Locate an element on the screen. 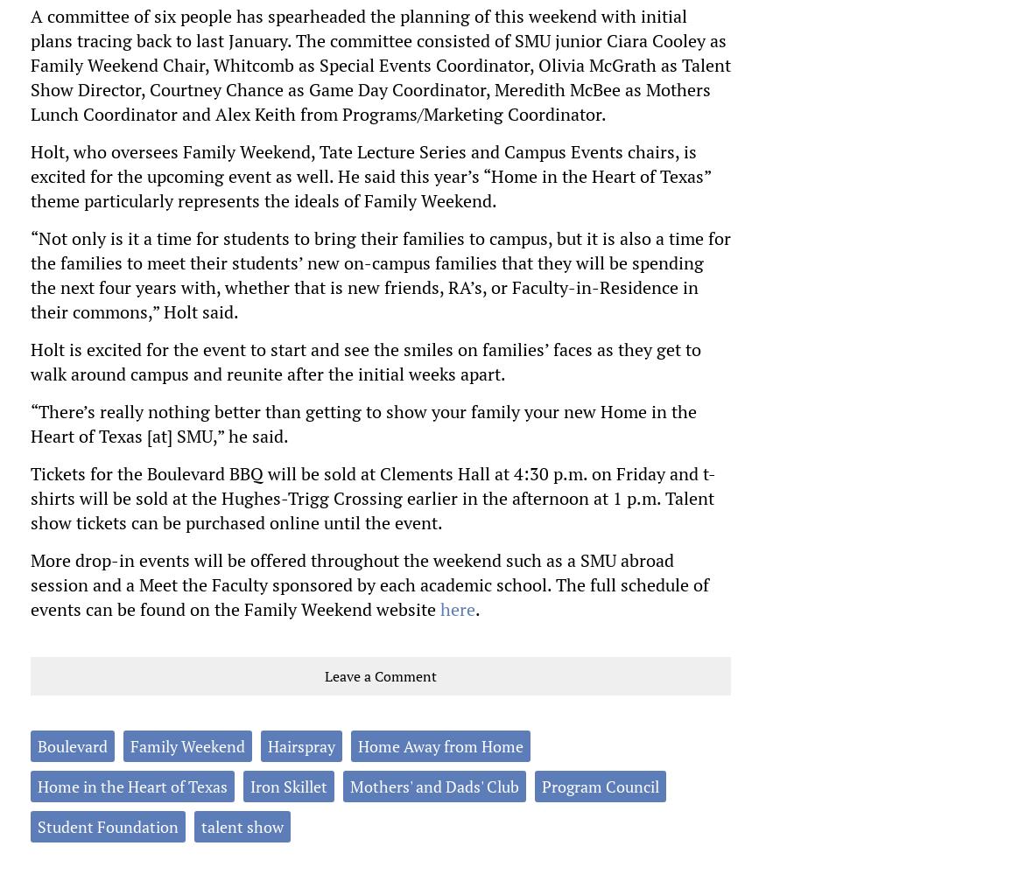 Image resolution: width=1033 pixels, height=874 pixels. 'Student Foundation' is located at coordinates (107, 825).